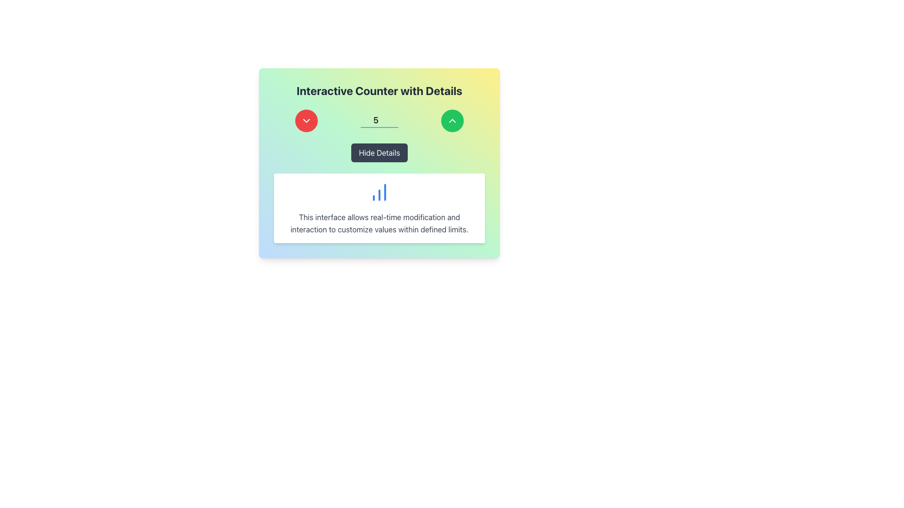 This screenshot has height=508, width=904. I want to click on the 'Hide Details' button located in the 'Interactive Counter with Details' panel to observe its hover effect, so click(379, 152).